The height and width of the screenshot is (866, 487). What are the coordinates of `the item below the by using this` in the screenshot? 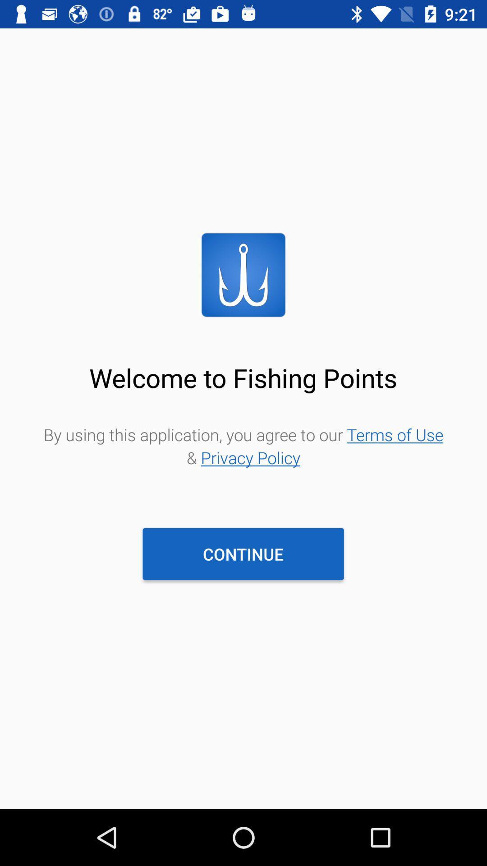 It's located at (243, 553).